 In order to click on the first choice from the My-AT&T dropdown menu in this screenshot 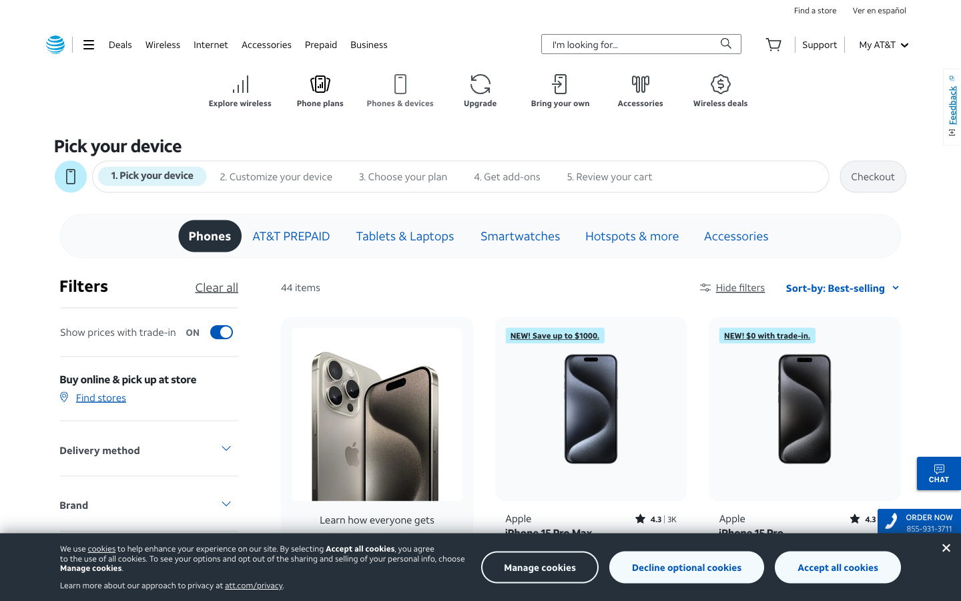, I will do `click(882, 43)`.